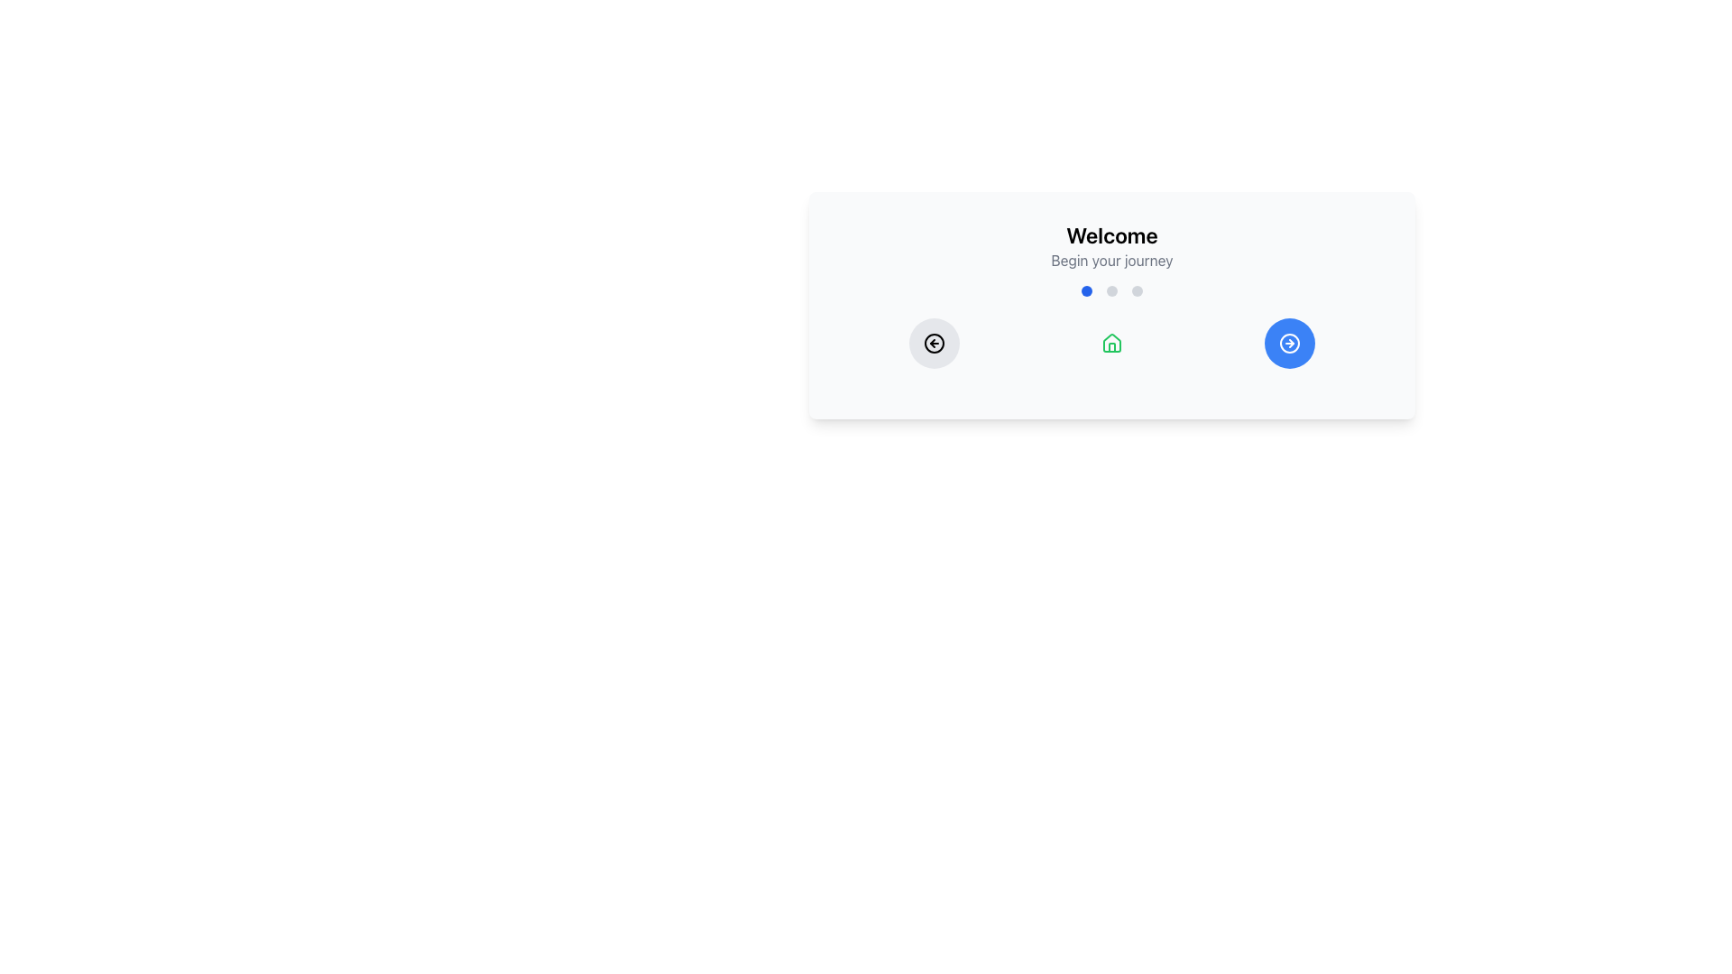 The height and width of the screenshot is (974, 1732). I want to click on the Static text block that serves as a welcoming headline for the card, located at the upper half of the card above graphical elements, so click(1111, 246).